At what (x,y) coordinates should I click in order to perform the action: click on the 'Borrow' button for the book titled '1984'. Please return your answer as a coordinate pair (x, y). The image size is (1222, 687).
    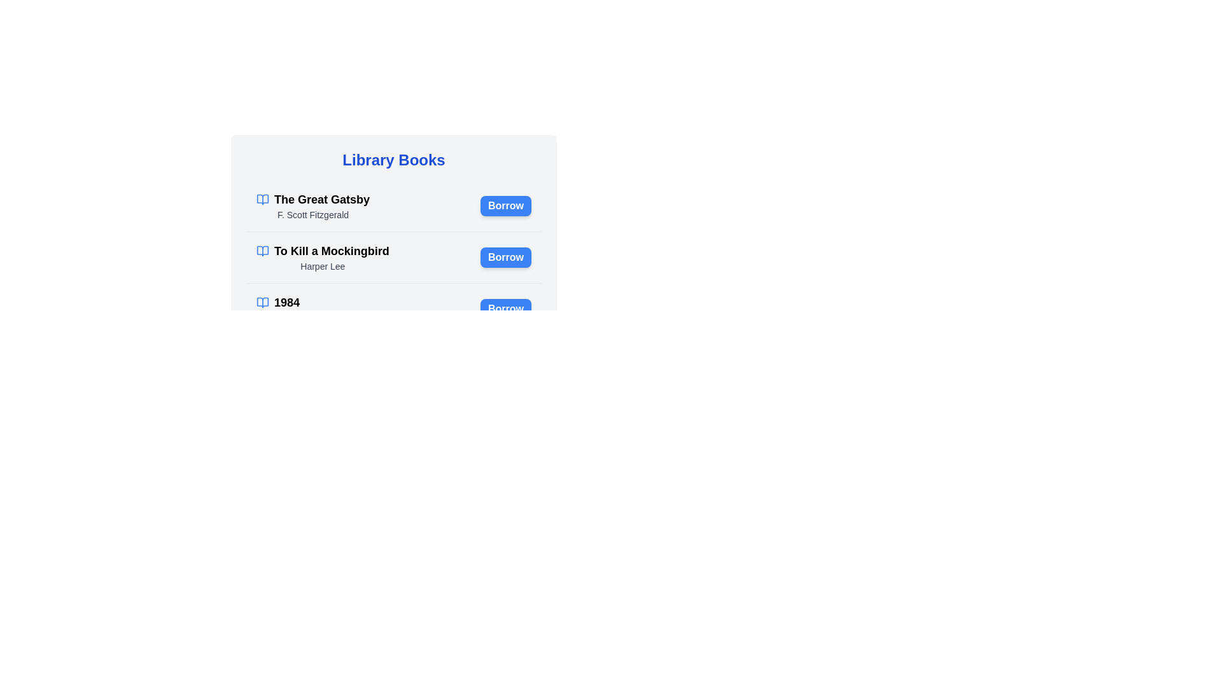
    Looking at the image, I should click on (505, 309).